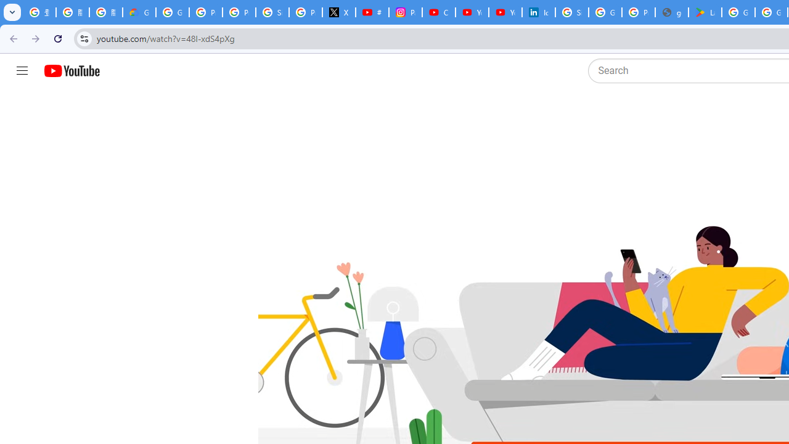  Describe the element at coordinates (671, 12) in the screenshot. I see `'google_privacy_policy_en.pdf'` at that location.